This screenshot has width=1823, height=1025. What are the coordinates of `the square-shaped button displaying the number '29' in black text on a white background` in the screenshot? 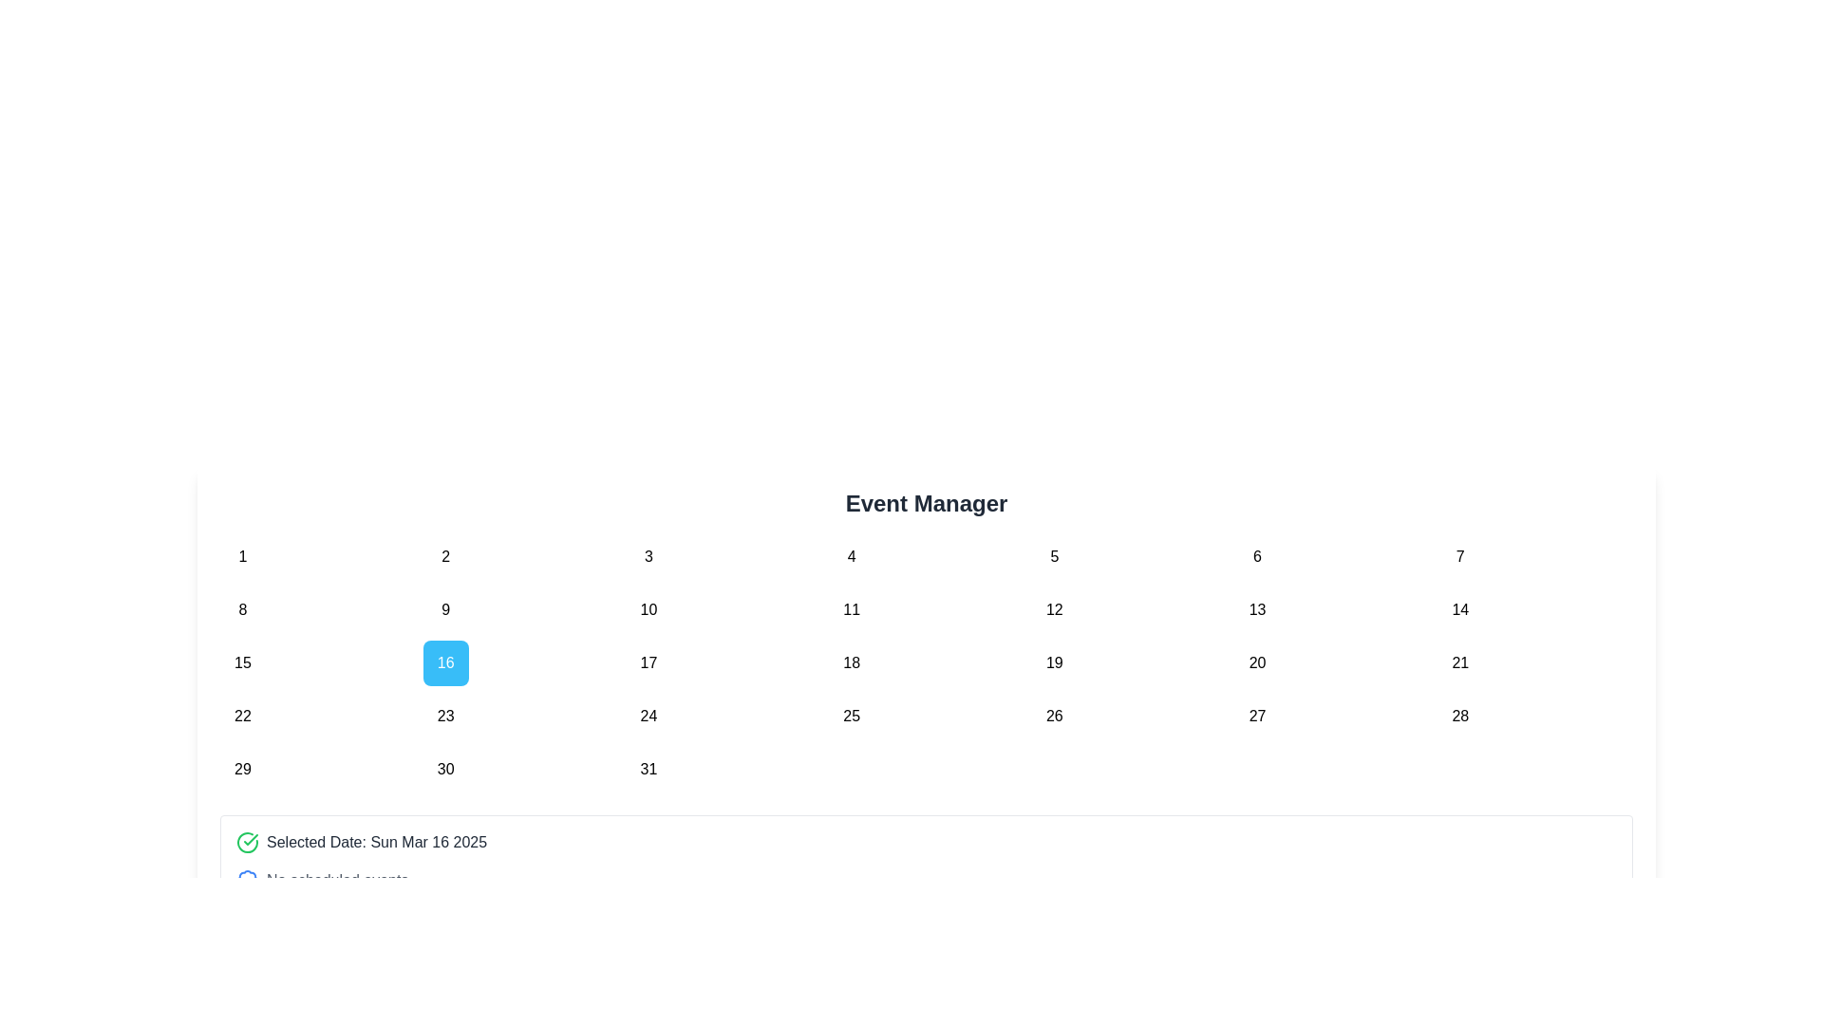 It's located at (241, 769).